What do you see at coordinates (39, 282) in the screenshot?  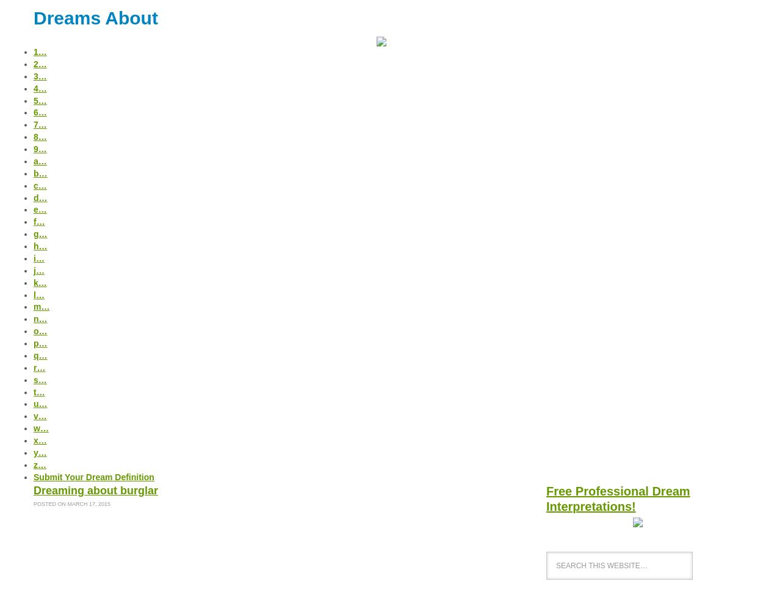 I see `'k…'` at bounding box center [39, 282].